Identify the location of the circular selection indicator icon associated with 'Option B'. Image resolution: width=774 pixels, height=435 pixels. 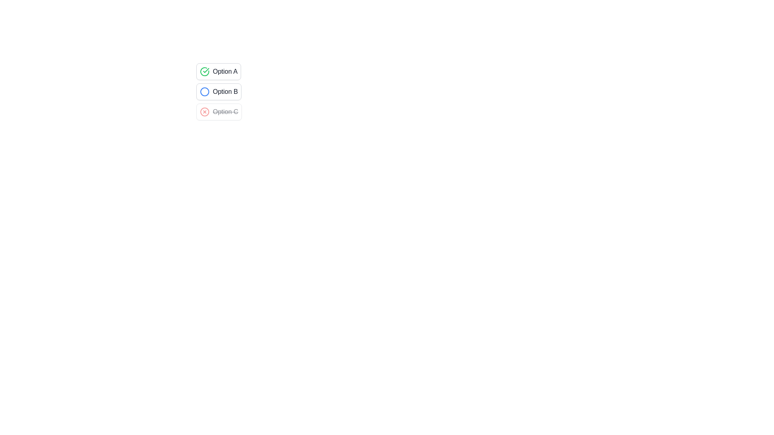
(205, 91).